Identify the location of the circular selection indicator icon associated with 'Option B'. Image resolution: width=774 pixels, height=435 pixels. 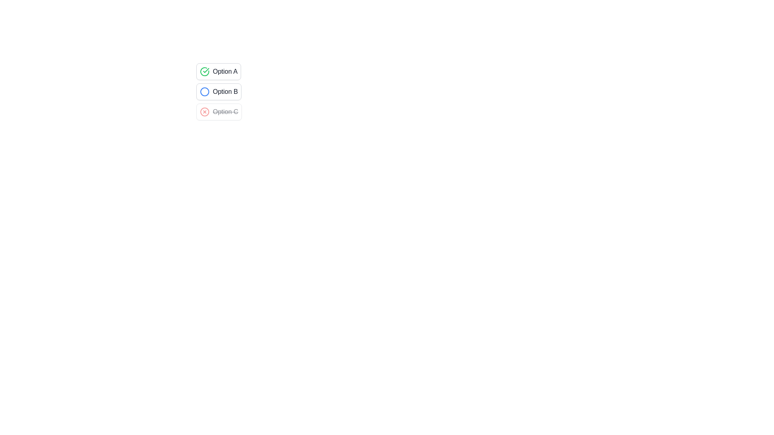
(205, 91).